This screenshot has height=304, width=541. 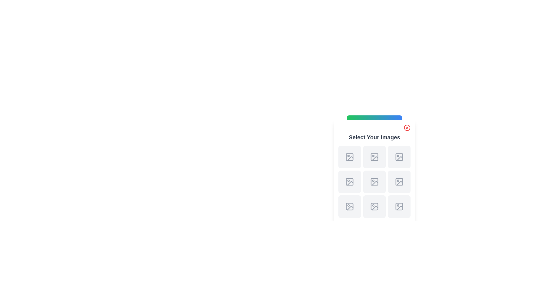 I want to click on the inactive small rectangle with rounded corners located in the fourth row and second column of the grid layout, which is part of an icon-like graphic, so click(x=349, y=182).